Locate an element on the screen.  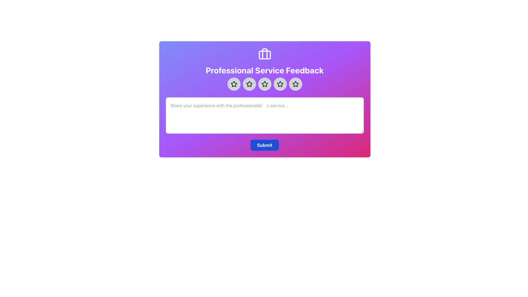
the third star button in the feedback form interface is located at coordinates (265, 84).